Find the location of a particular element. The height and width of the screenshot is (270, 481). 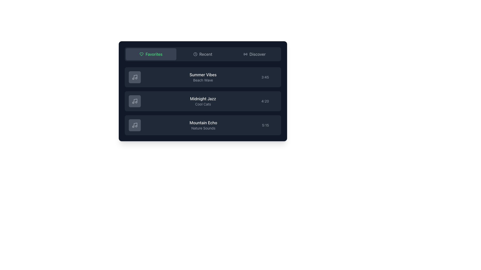

the square icon with a dark gray background and a white music note symbol, located at the leftmost position in the row for 'Midnight Jazz' and 'Cool Cats' is located at coordinates (135, 101).